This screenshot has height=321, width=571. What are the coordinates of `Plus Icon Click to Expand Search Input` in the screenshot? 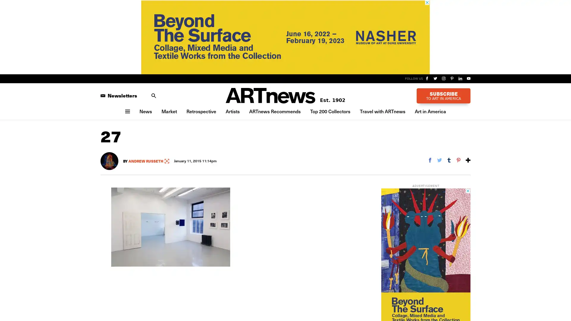 It's located at (154, 95).